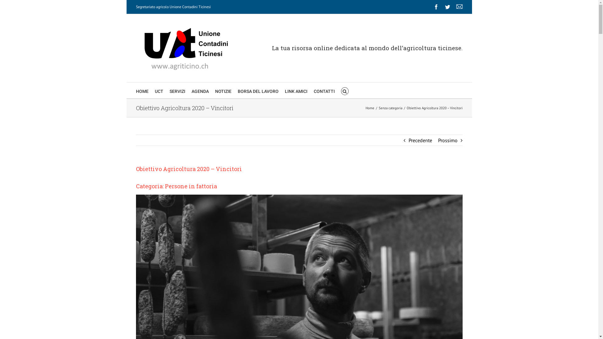 The width and height of the screenshot is (603, 339). What do you see at coordinates (295, 90) in the screenshot?
I see `'LINK AMICI'` at bounding box center [295, 90].